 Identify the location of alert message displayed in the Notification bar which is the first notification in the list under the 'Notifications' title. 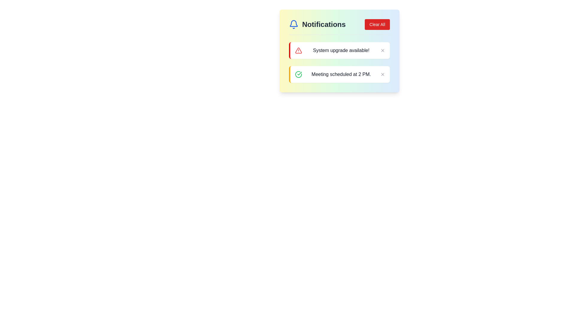
(339, 50).